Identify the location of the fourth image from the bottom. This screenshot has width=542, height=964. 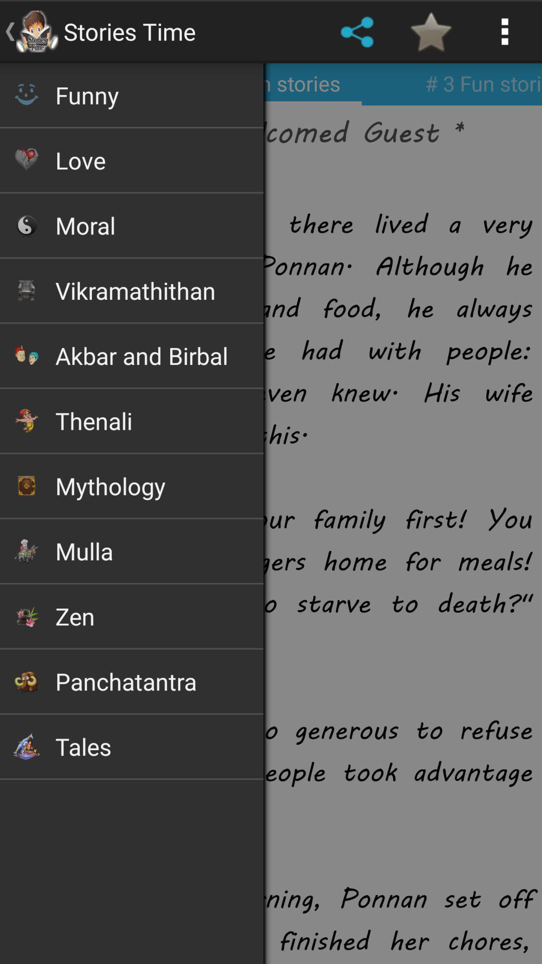
(26, 550).